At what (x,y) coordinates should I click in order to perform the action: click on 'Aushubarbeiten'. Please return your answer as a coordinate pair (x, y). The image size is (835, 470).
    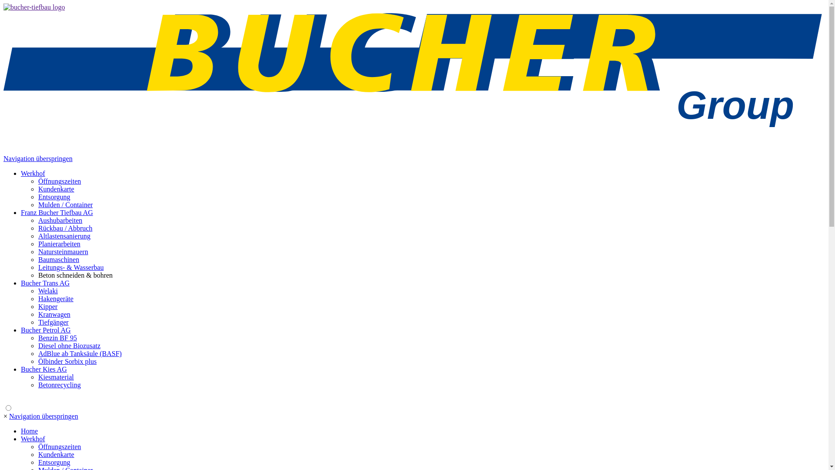
    Looking at the image, I should click on (37, 220).